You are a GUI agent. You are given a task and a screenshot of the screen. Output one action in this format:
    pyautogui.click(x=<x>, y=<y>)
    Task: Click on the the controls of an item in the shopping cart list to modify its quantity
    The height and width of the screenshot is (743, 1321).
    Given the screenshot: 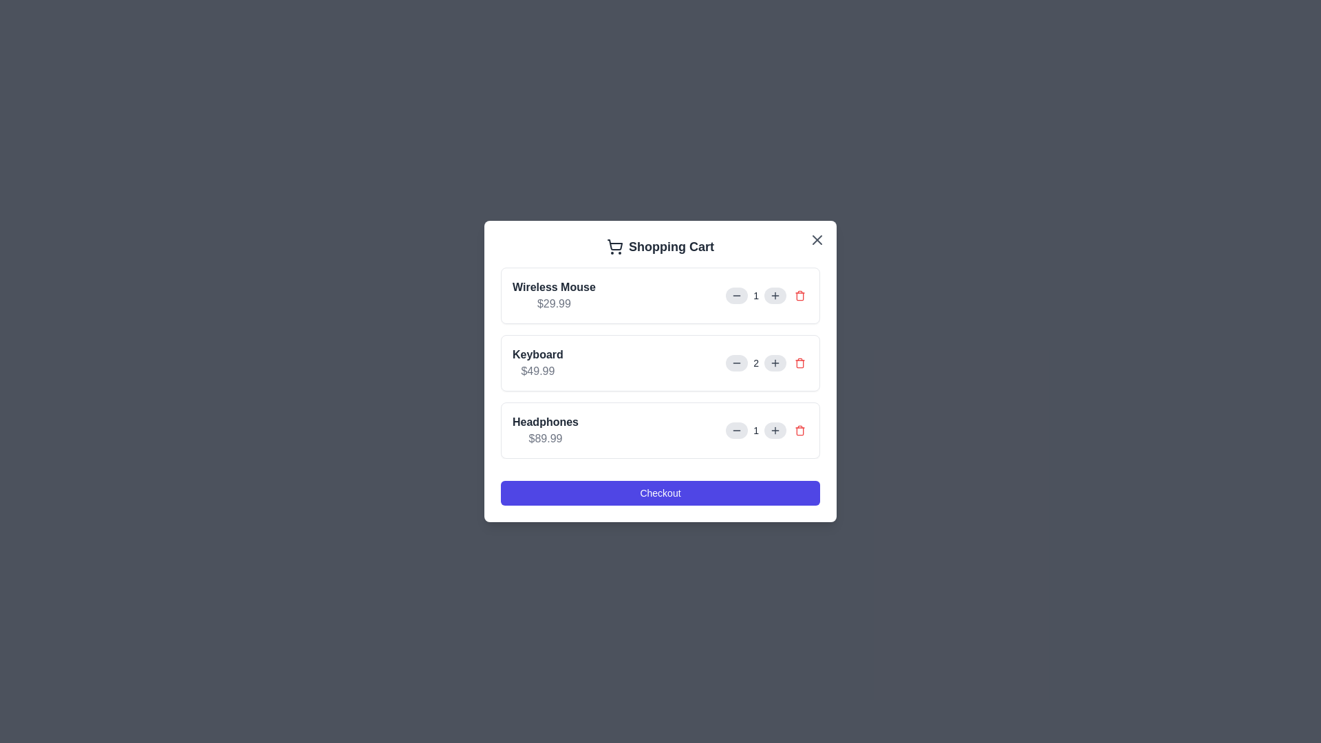 What is the action you would take?
    pyautogui.click(x=660, y=363)
    